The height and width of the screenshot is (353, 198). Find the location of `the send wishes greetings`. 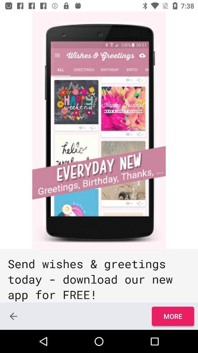

the send wishes greetings is located at coordinates (99, 275).